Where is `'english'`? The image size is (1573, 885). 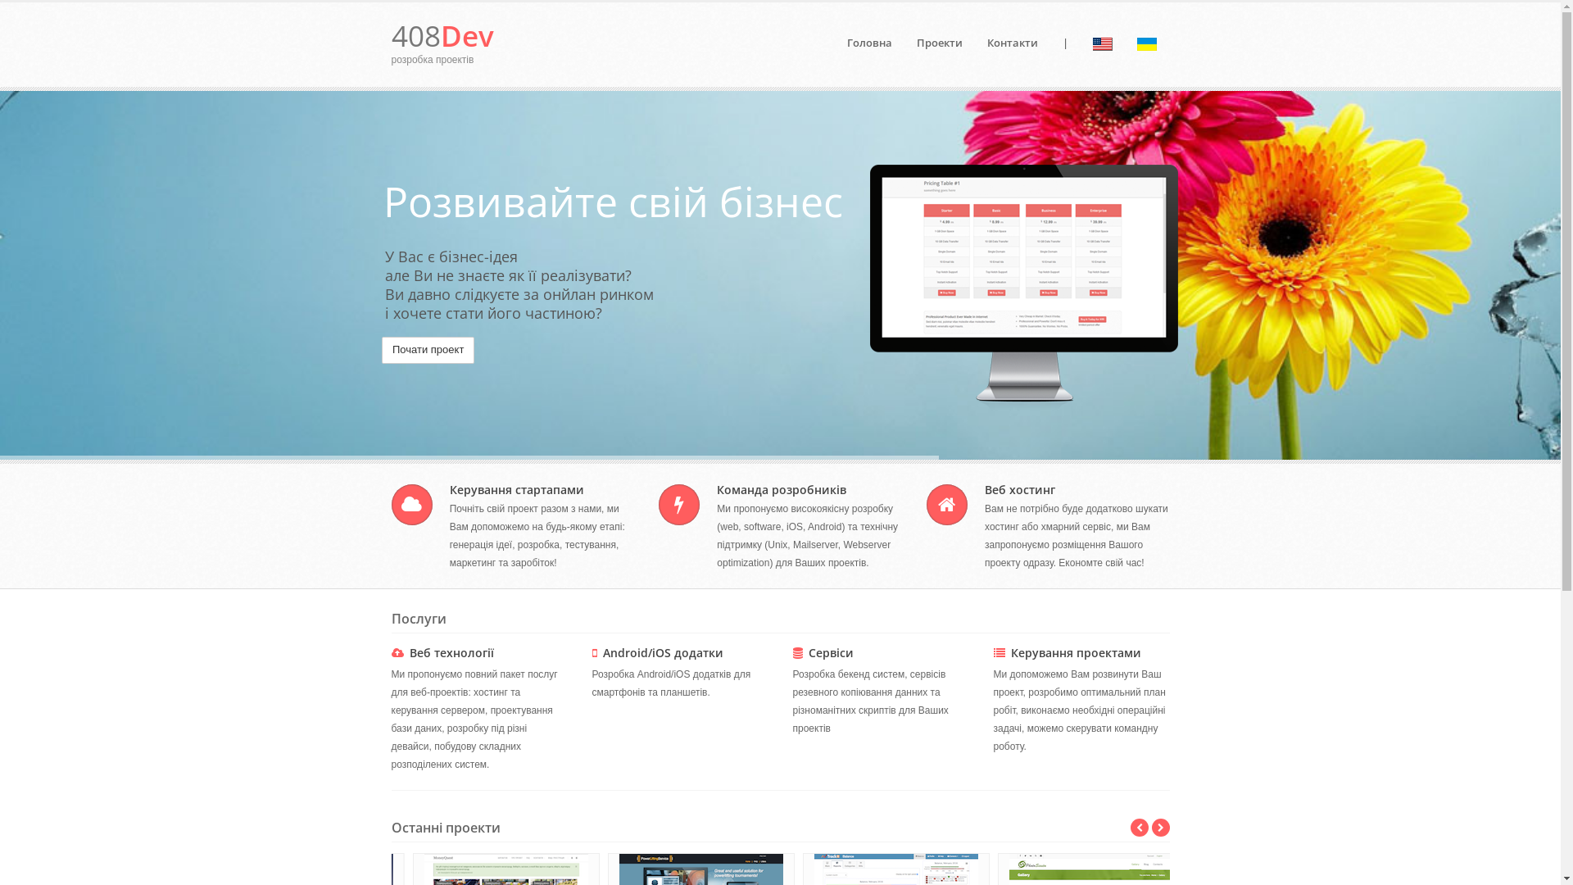
'english' is located at coordinates (1102, 43).